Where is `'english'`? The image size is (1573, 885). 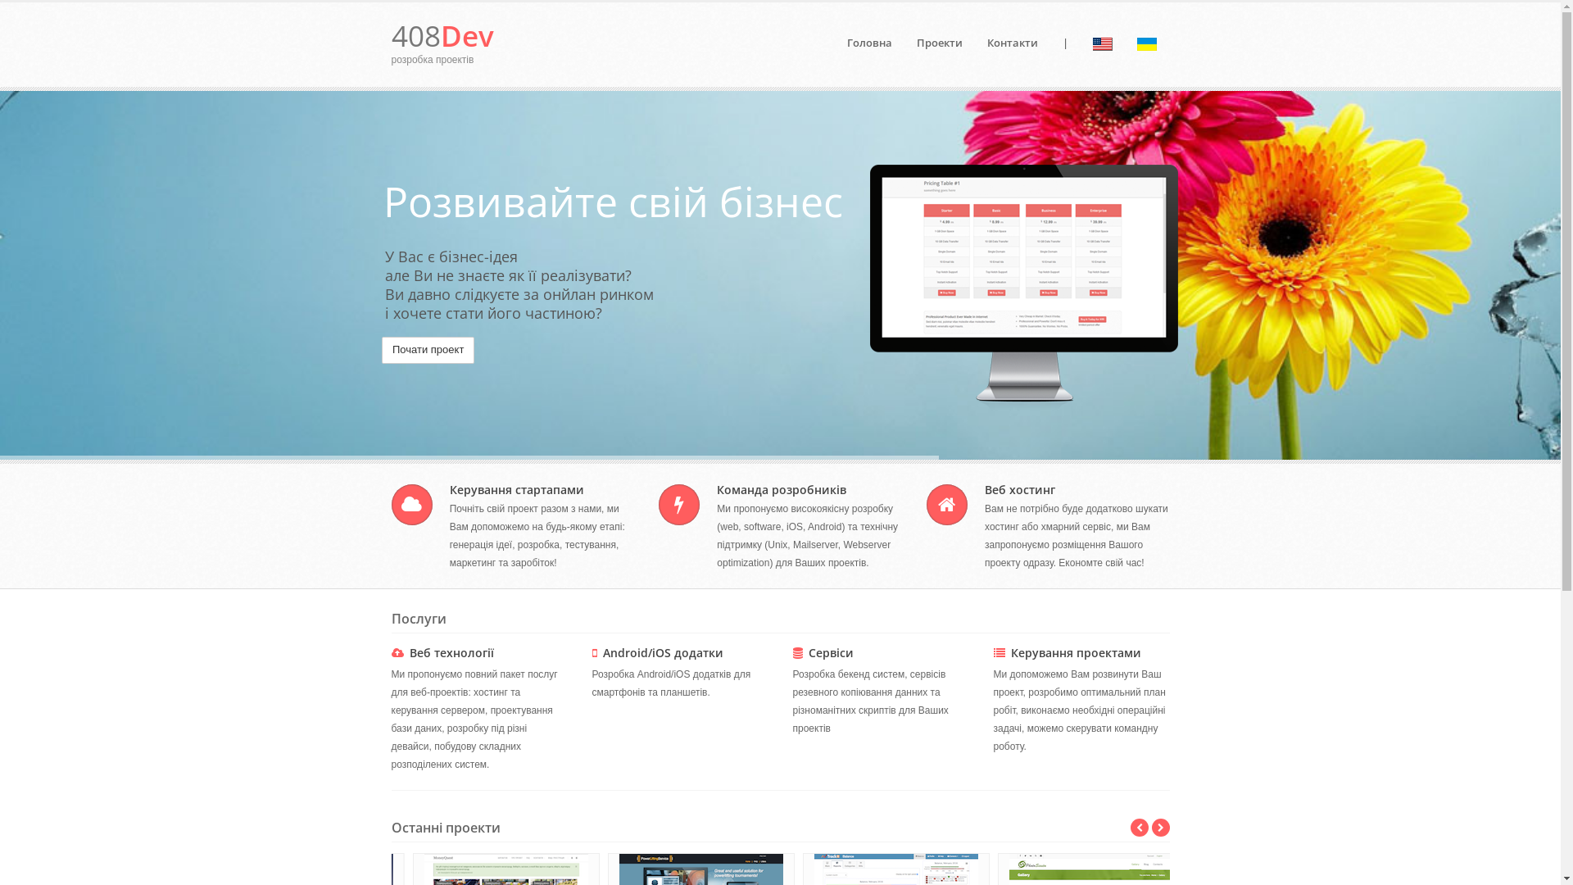
'english' is located at coordinates (1102, 43).